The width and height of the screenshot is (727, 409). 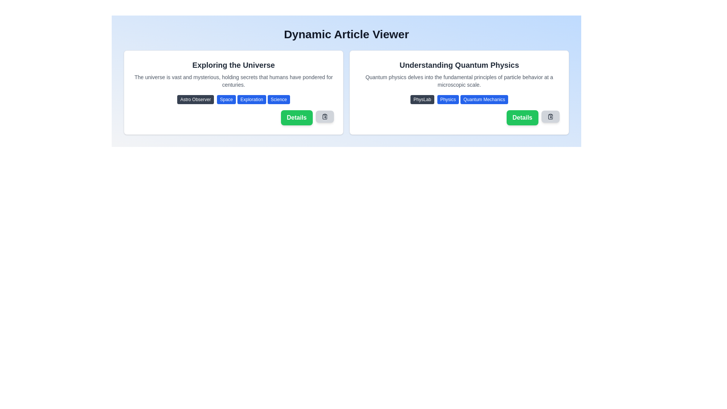 I want to click on the text of the label associated with the card titled 'Exploring the Universe', which is the first in a row of labels, so click(x=195, y=99).